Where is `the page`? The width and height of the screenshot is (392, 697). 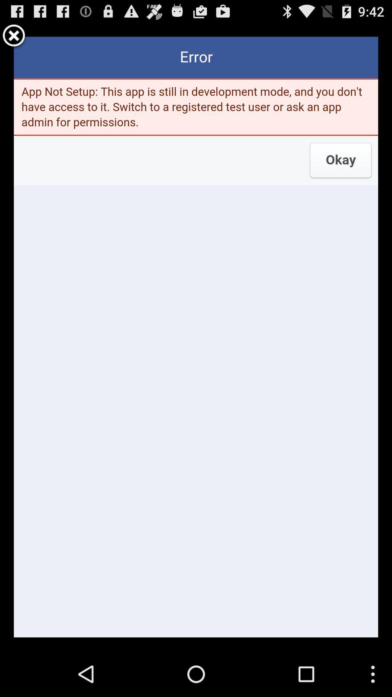
the page is located at coordinates (14, 36).